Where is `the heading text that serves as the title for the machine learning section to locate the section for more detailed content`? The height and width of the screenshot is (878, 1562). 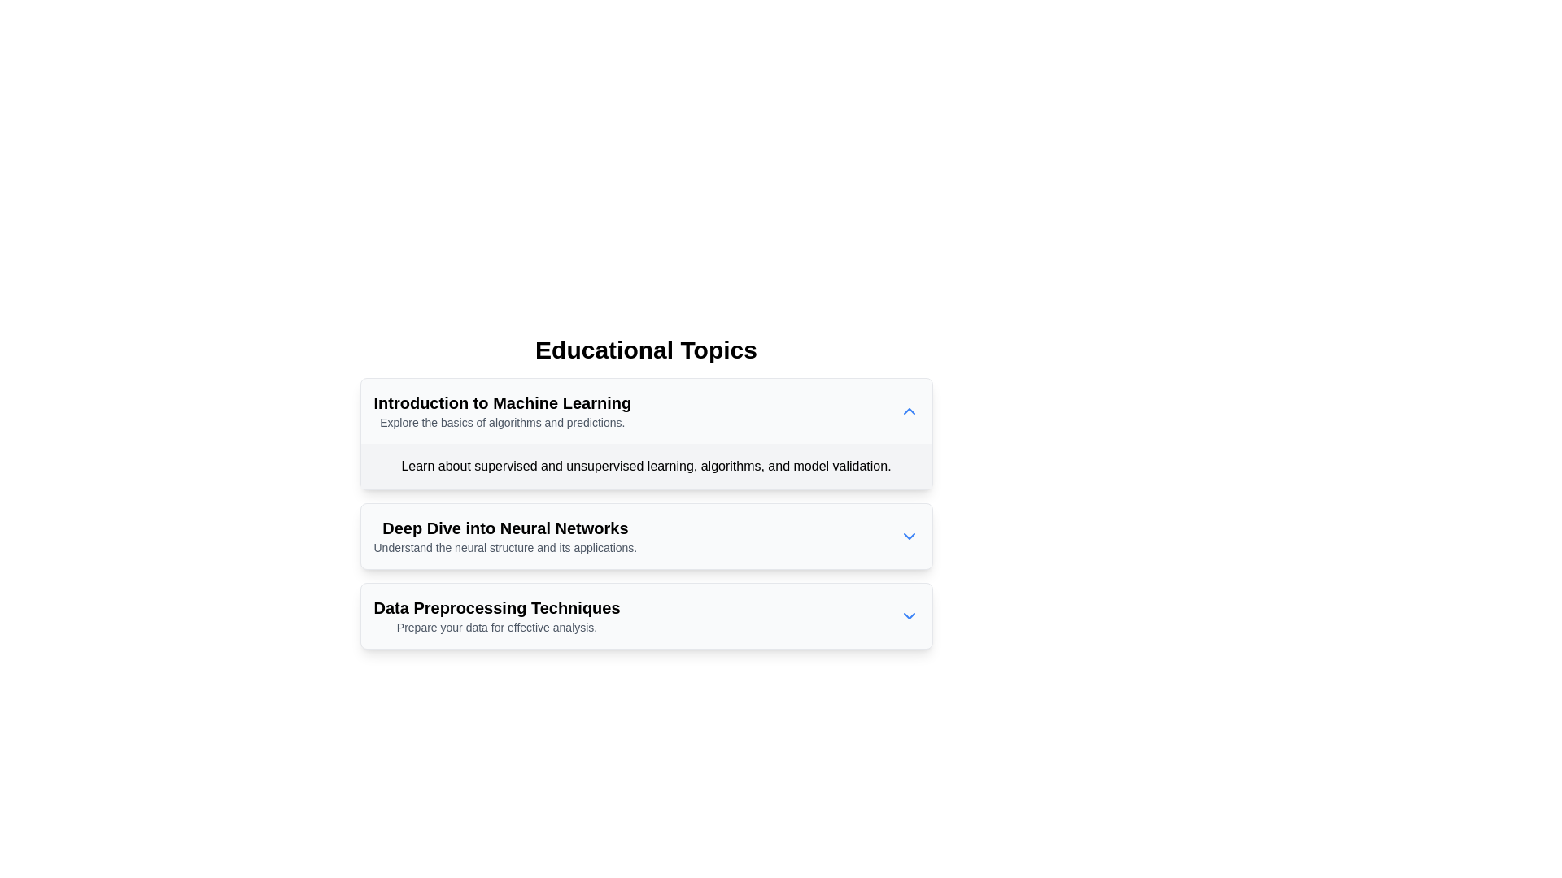
the heading text that serves as the title for the machine learning section to locate the section for more detailed content is located at coordinates (501, 402).